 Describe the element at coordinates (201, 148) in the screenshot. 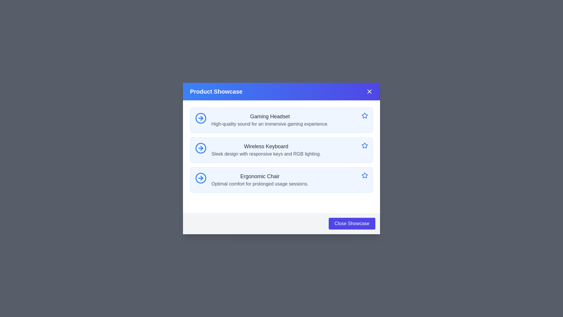

I see `Decorative SVG element of the arrow icon located to the left of the 'Wireless Keyboard' label in the middle row of the modal UI using developer tools` at that location.